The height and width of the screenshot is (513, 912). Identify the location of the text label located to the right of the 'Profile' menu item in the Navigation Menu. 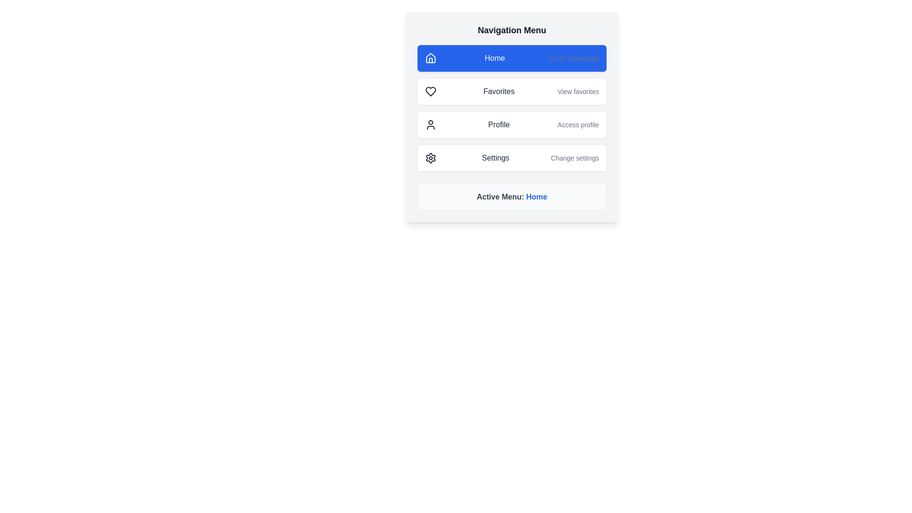
(578, 124).